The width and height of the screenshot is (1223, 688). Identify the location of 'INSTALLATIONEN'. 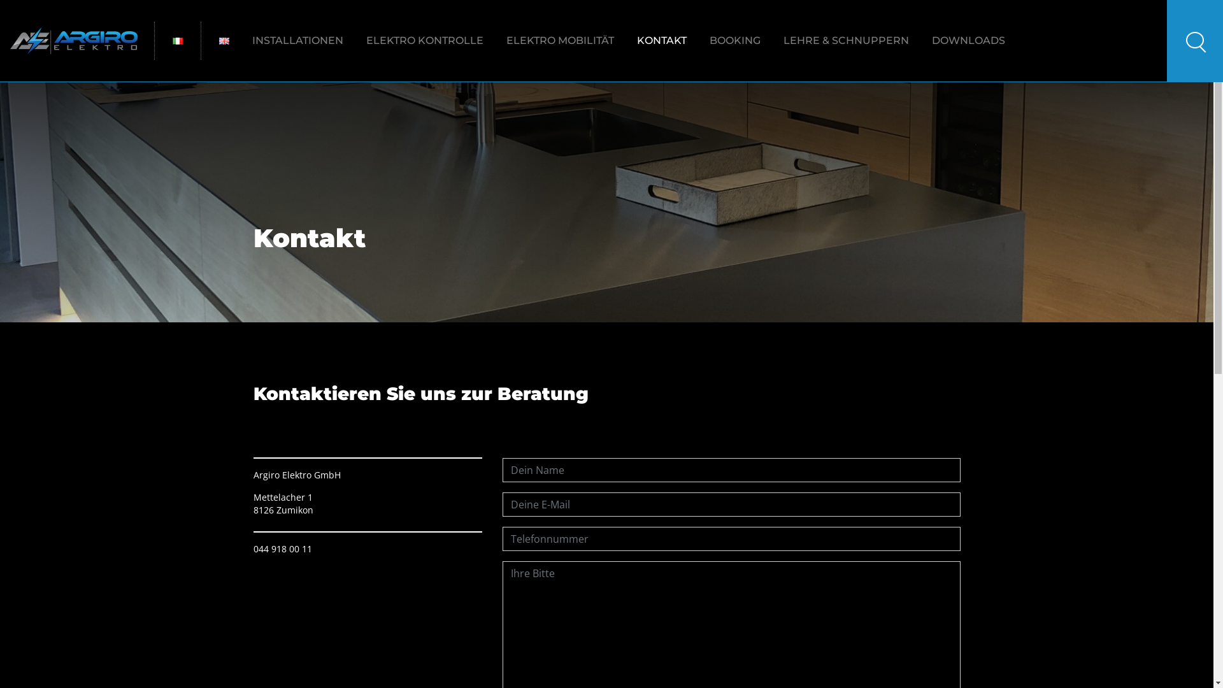
(297, 40).